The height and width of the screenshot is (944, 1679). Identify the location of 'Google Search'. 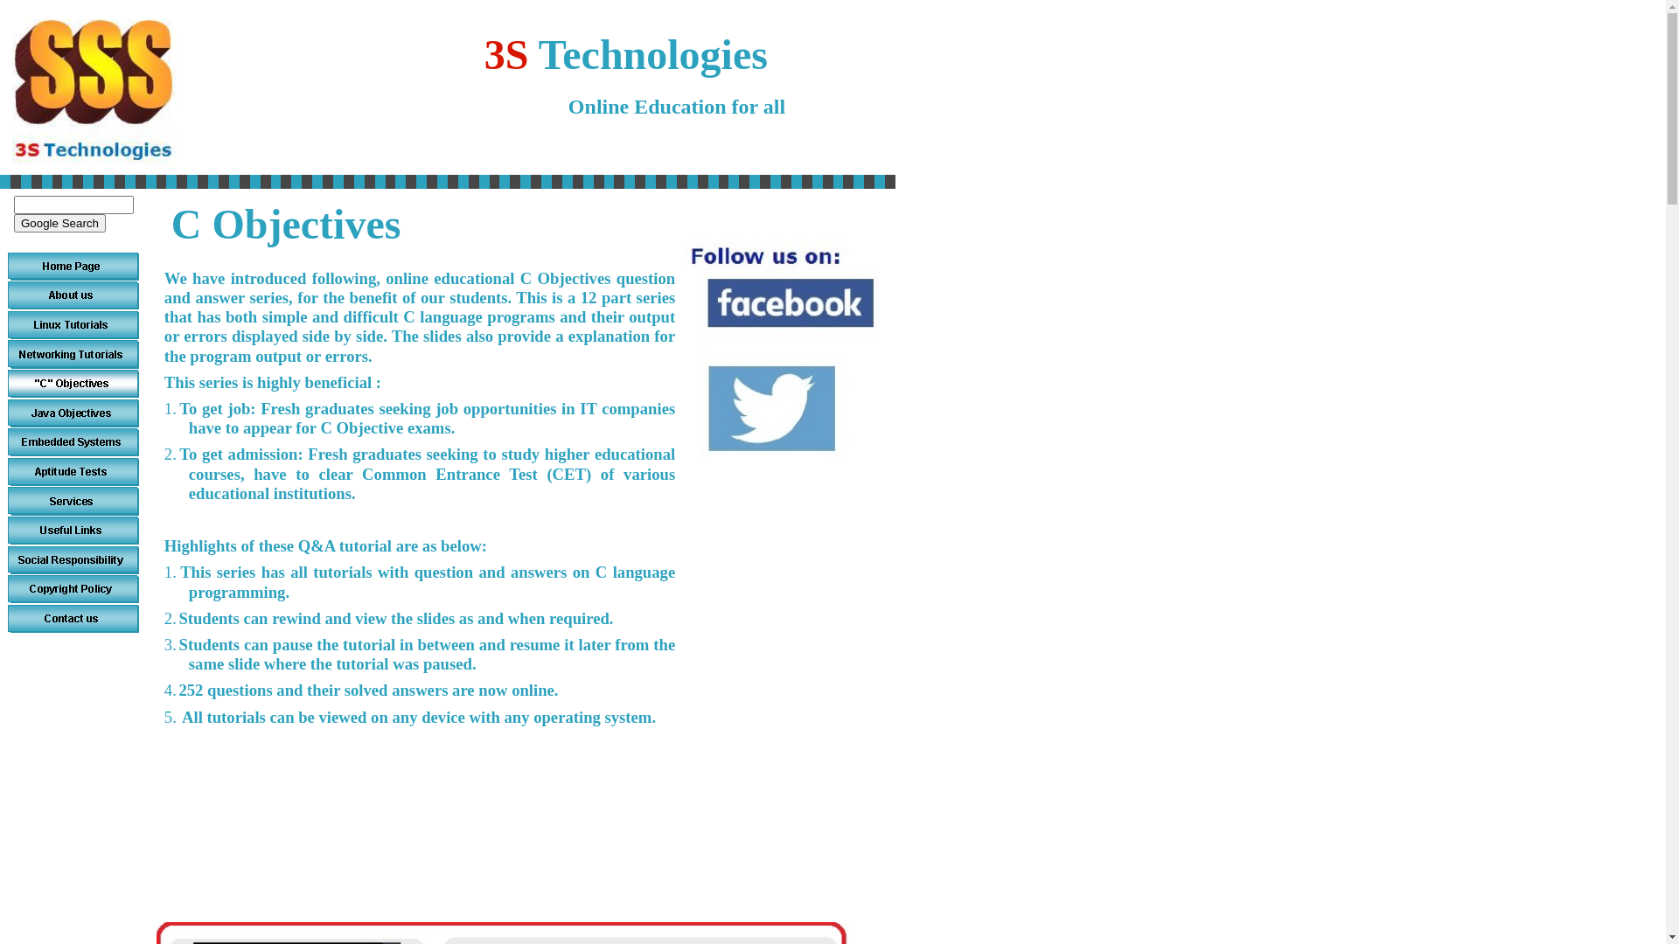
(59, 222).